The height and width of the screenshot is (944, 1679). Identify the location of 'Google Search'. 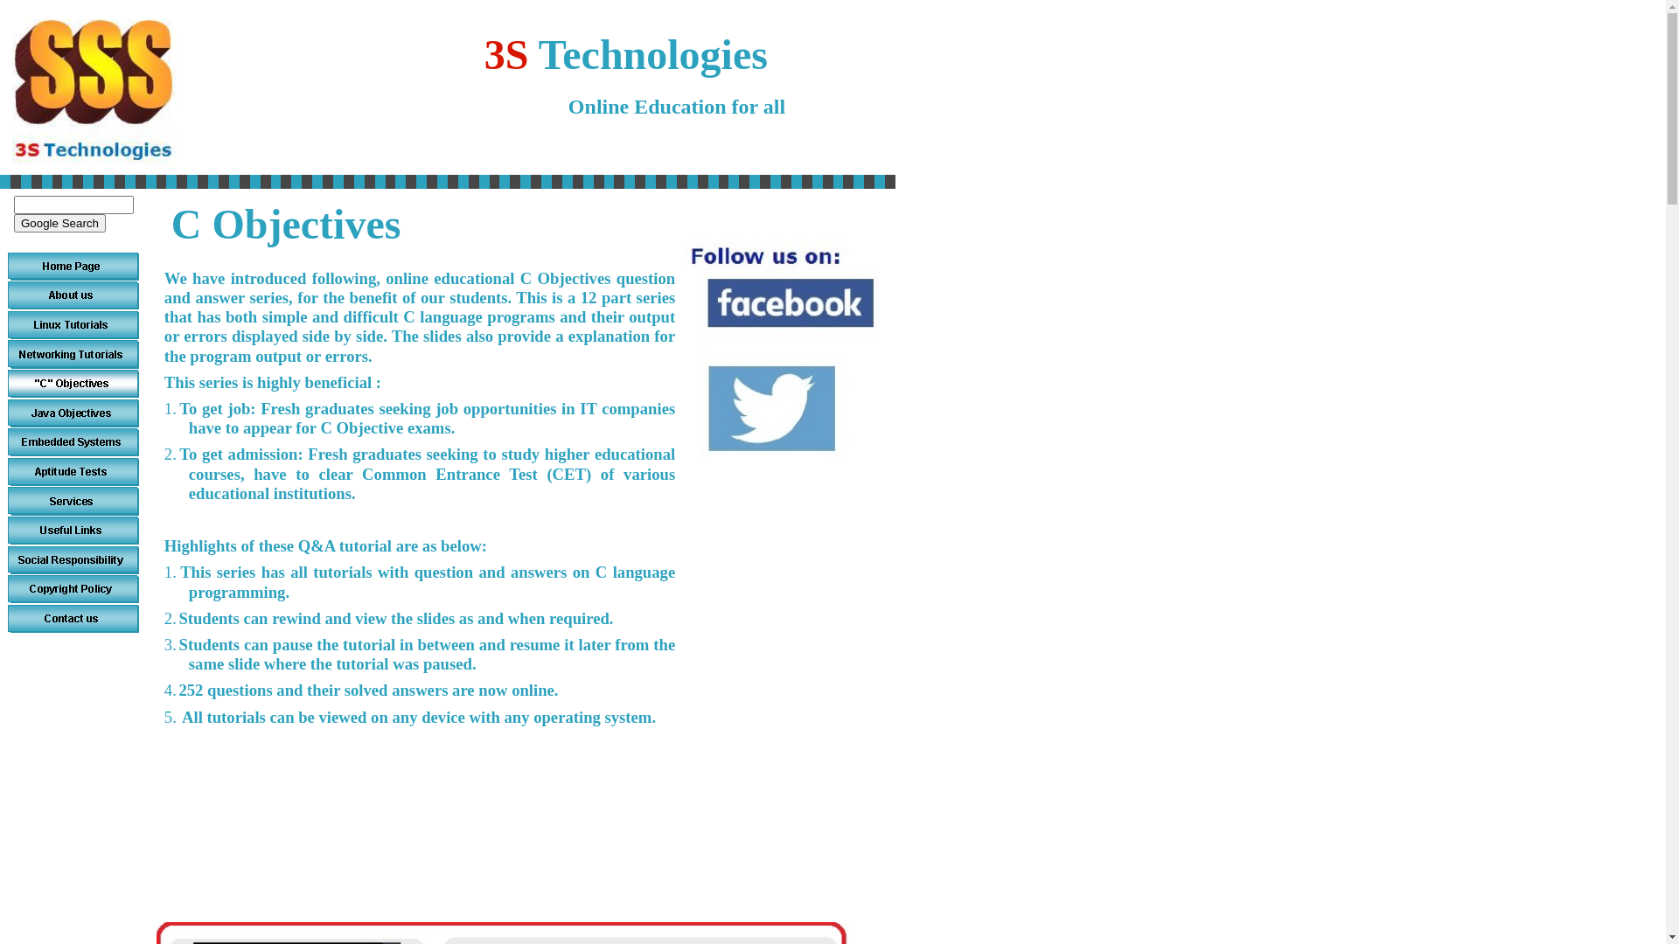
(59, 222).